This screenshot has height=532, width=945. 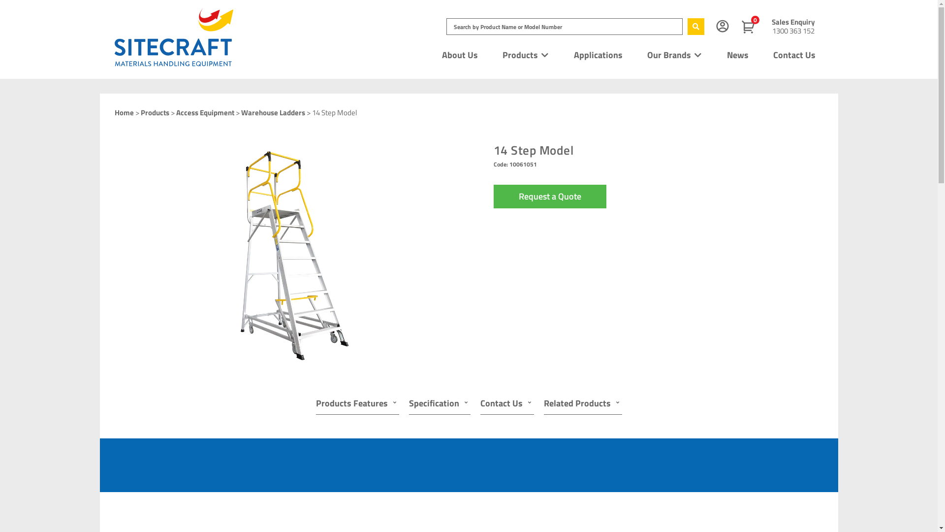 What do you see at coordinates (912, 506) in the screenshot?
I see `'Chat'` at bounding box center [912, 506].